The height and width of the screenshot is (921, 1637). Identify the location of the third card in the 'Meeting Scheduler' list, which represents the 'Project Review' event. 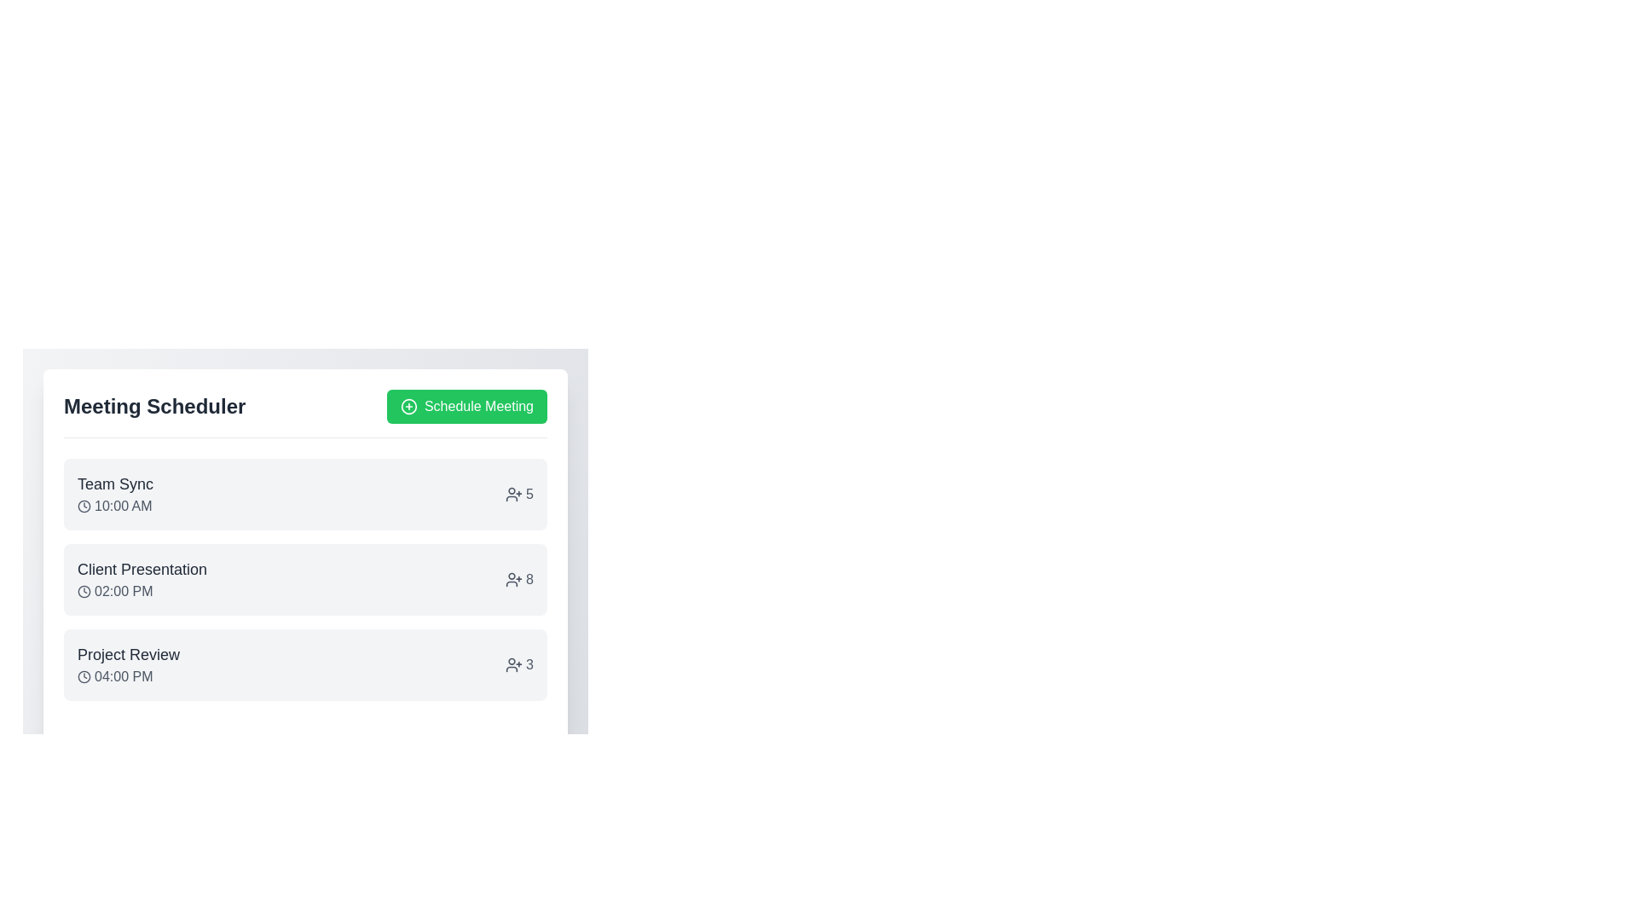
(305, 663).